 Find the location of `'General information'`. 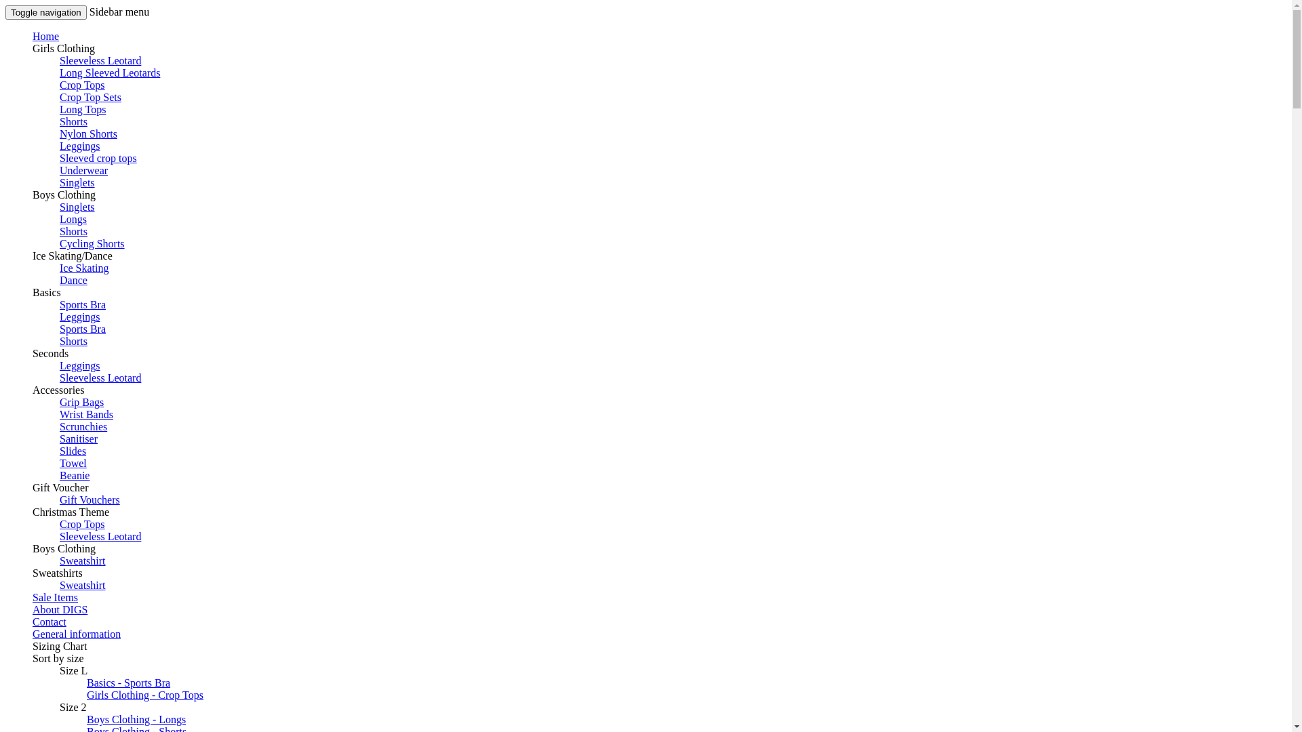

'General information' is located at coordinates (76, 634).